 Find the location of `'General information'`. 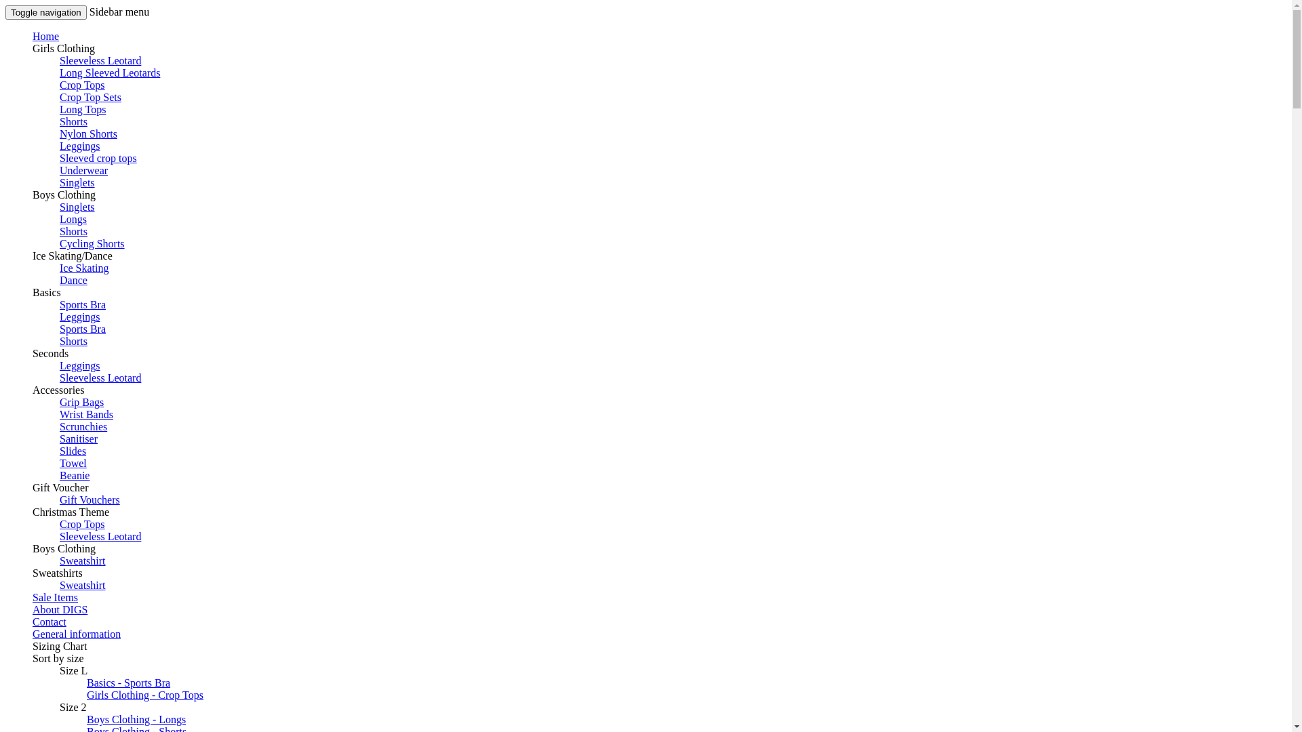

'General information' is located at coordinates (76, 634).